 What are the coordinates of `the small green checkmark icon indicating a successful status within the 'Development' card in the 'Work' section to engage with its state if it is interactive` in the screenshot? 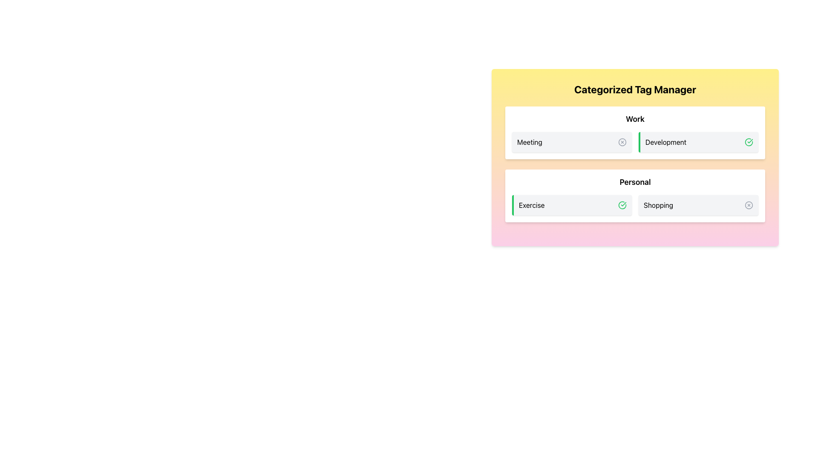 It's located at (748, 142).